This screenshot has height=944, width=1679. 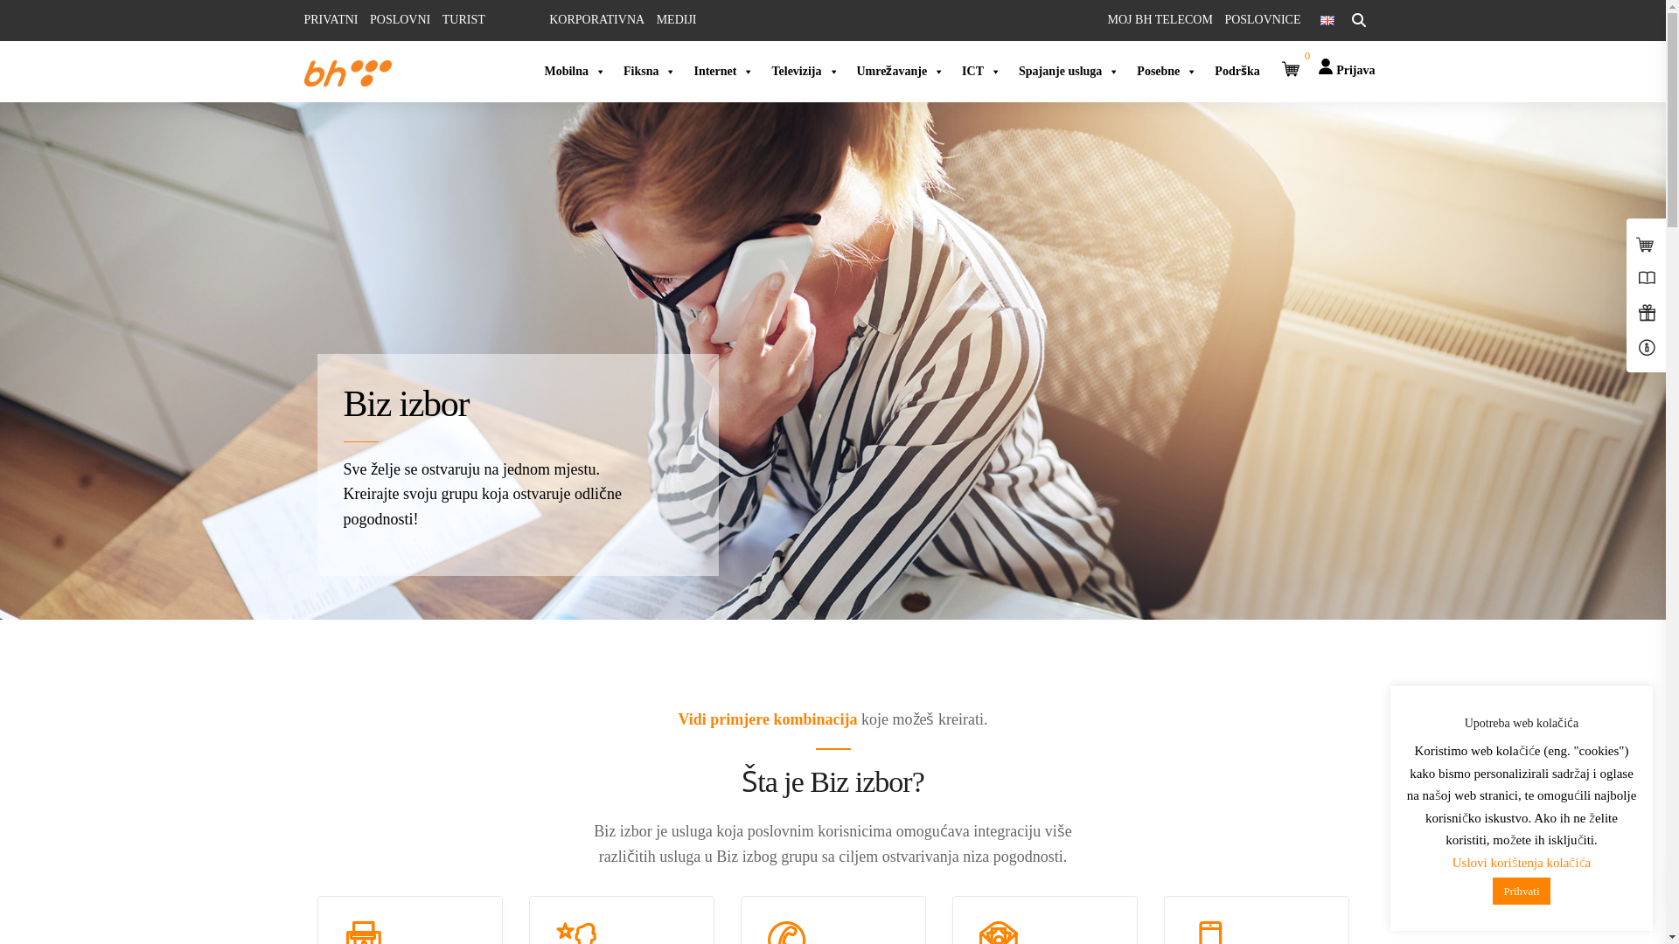 I want to click on 'Prijava', so click(x=1346, y=69).